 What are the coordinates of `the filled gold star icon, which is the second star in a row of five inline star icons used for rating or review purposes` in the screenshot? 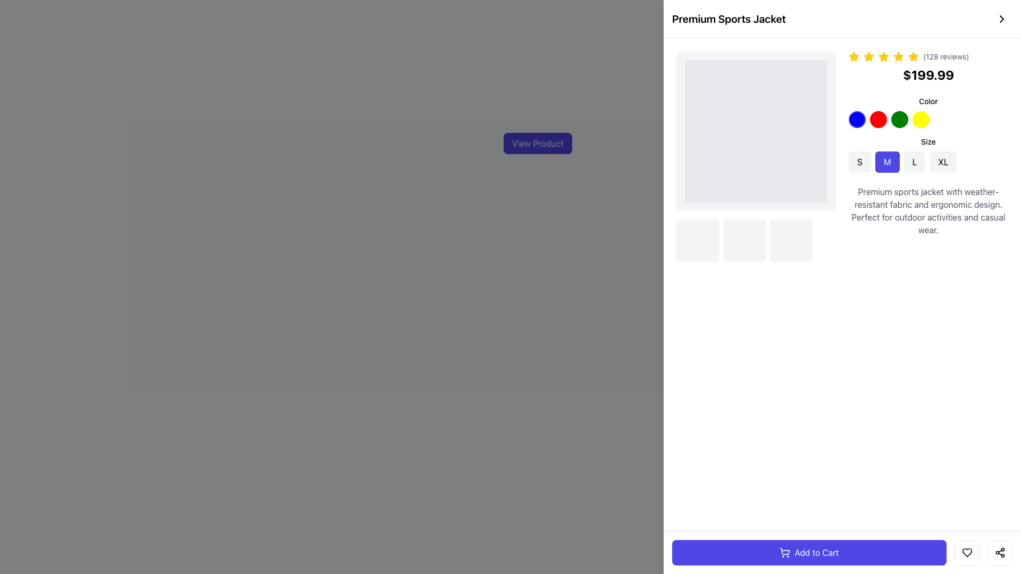 It's located at (883, 56).